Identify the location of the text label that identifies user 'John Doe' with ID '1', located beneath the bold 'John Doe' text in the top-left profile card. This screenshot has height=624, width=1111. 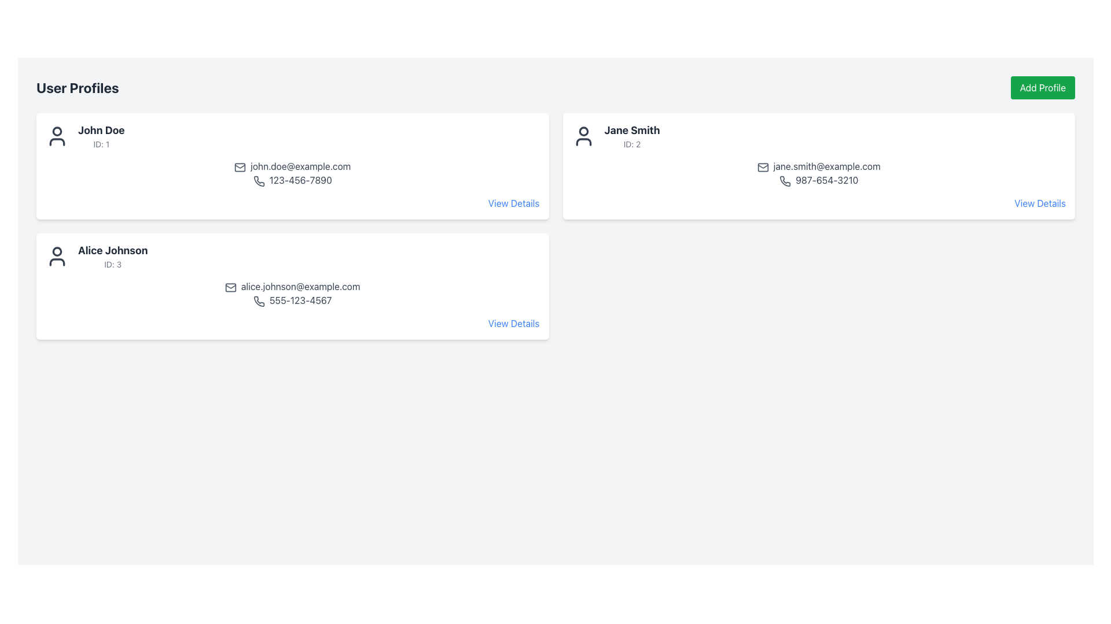
(101, 144).